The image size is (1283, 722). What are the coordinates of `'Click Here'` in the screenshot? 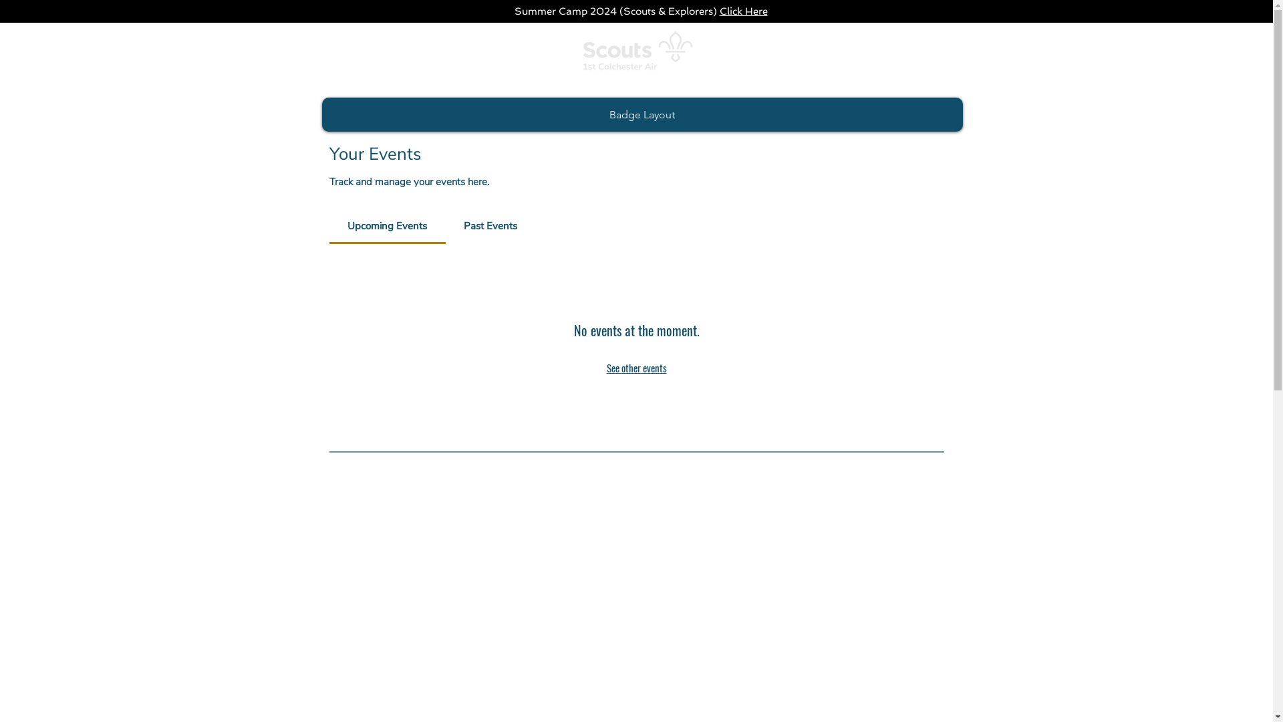 It's located at (742, 11).